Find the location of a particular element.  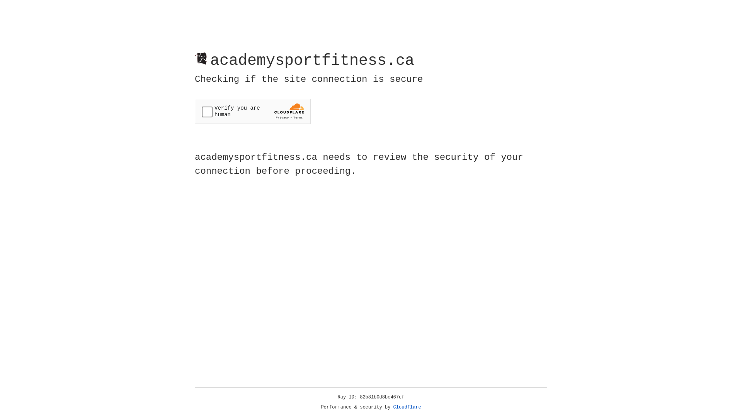

'Widget containing a Cloudflare security challenge' is located at coordinates (252, 111).